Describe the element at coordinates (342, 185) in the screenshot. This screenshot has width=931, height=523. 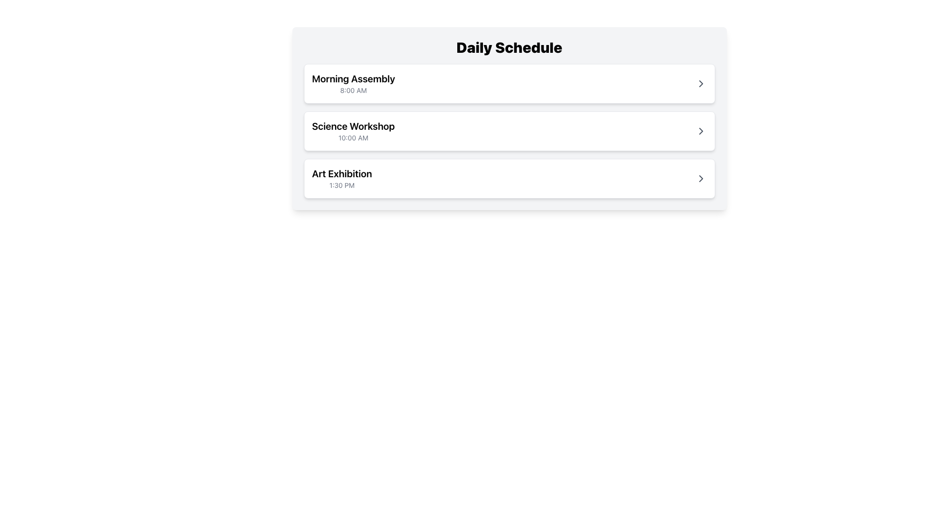
I see `the text label displaying the time '1:30 PM', which is located beneath the 'Art Exhibition' title` at that location.